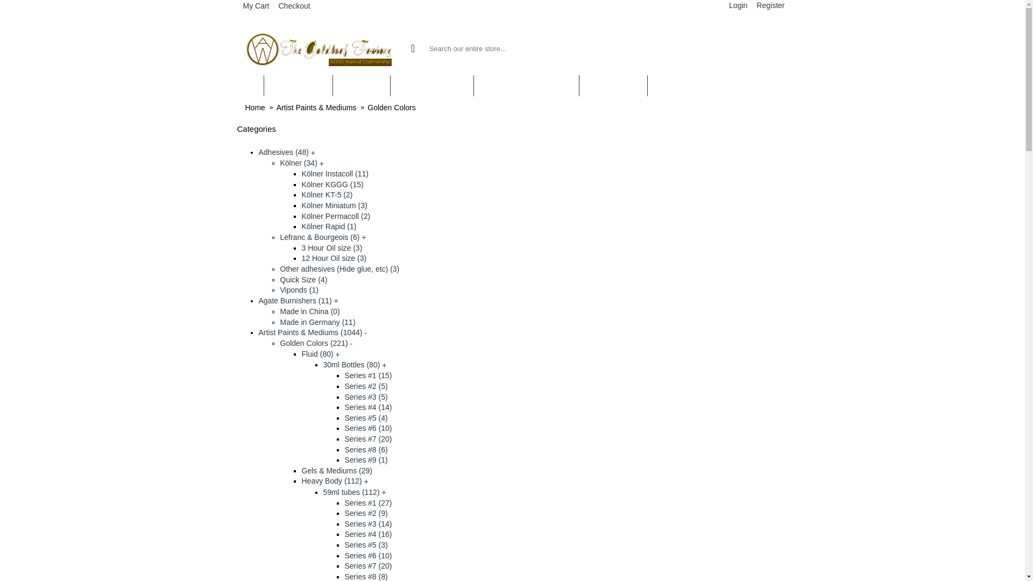  What do you see at coordinates (309, 311) in the screenshot?
I see `'Made in China (0)'` at bounding box center [309, 311].